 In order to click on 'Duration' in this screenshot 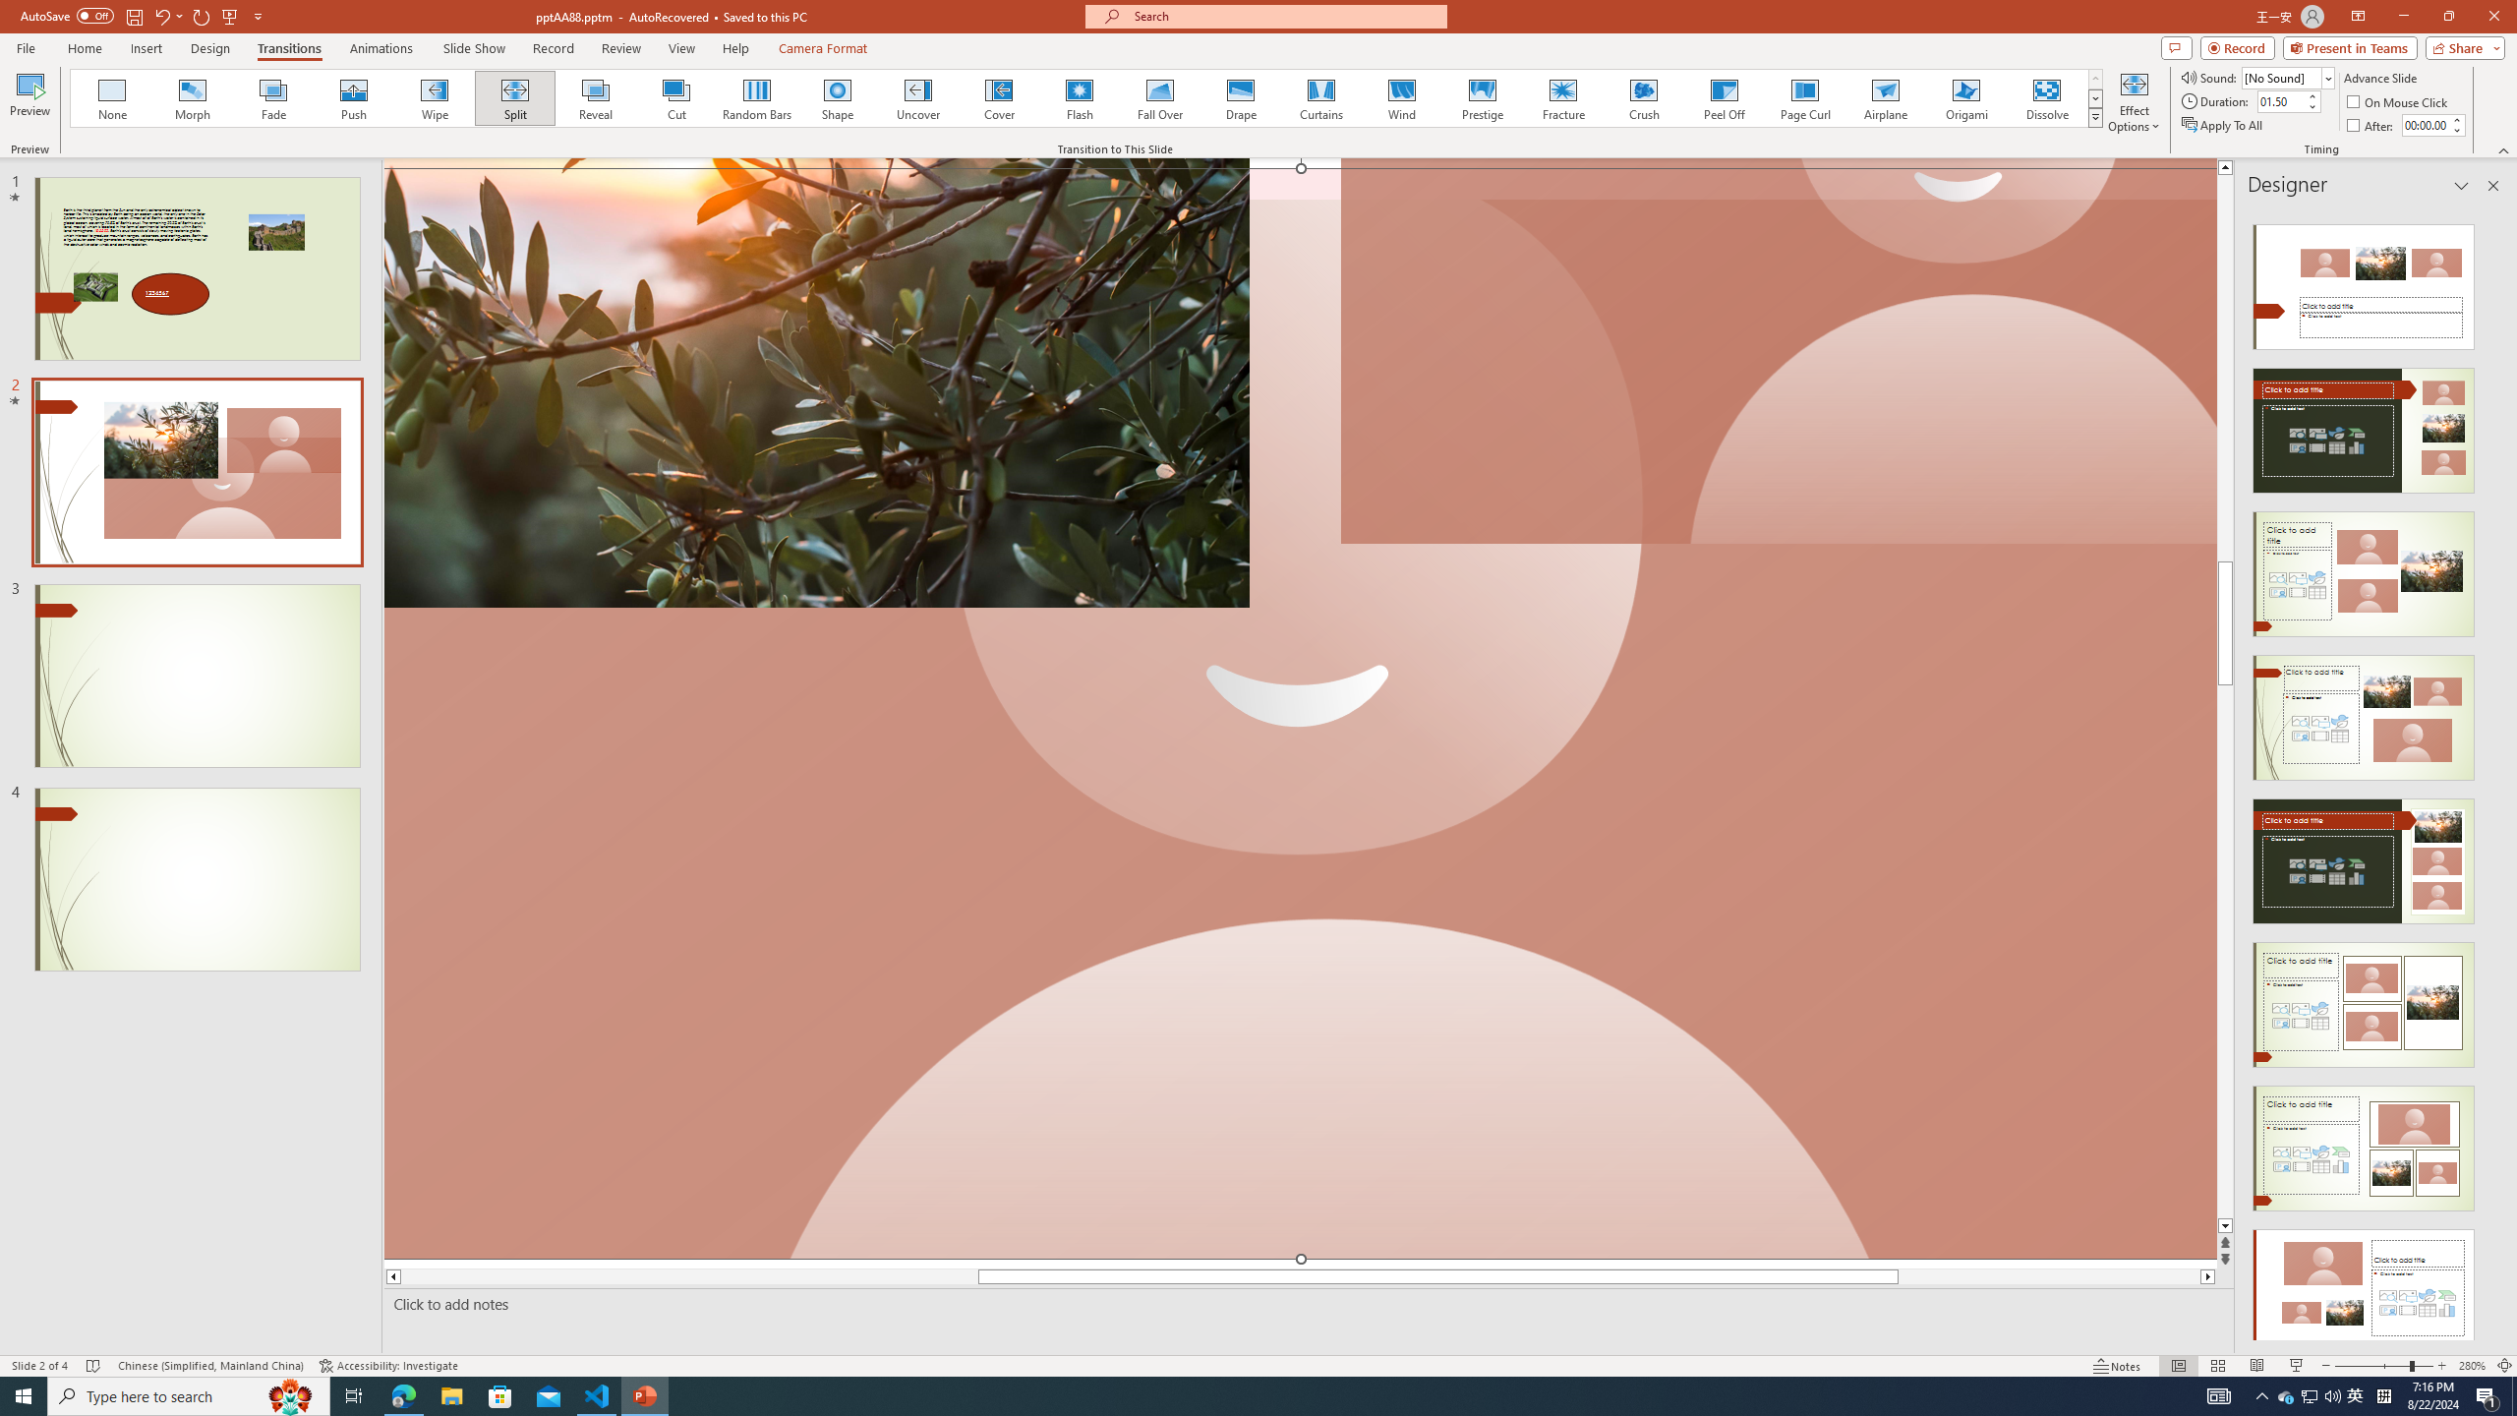, I will do `click(2280, 100)`.